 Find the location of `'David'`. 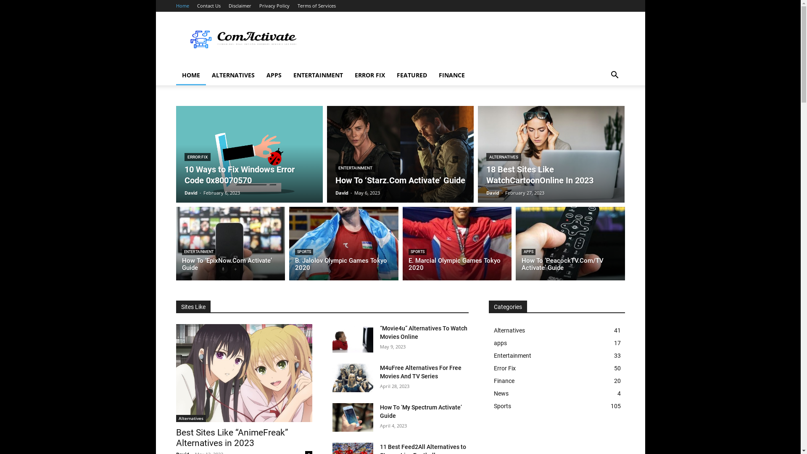

'David' is located at coordinates (190, 193).